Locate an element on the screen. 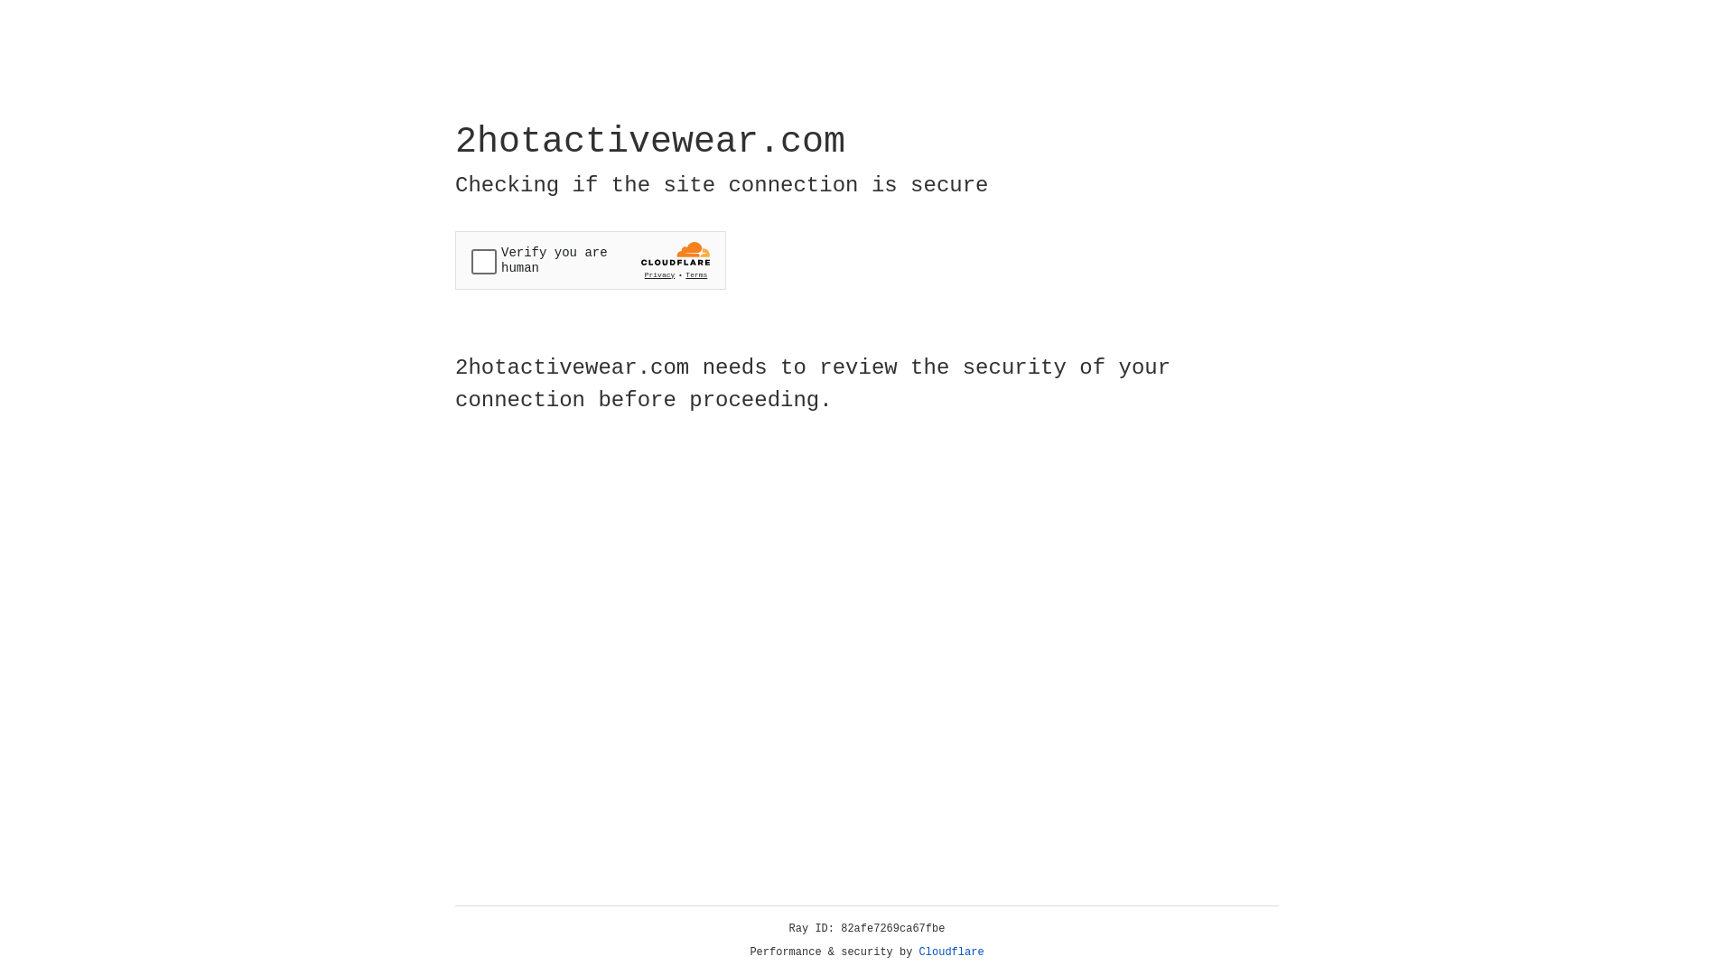 This screenshot has height=975, width=1734. 'Widget containing a Cloudflare security challenge' is located at coordinates (590, 260).